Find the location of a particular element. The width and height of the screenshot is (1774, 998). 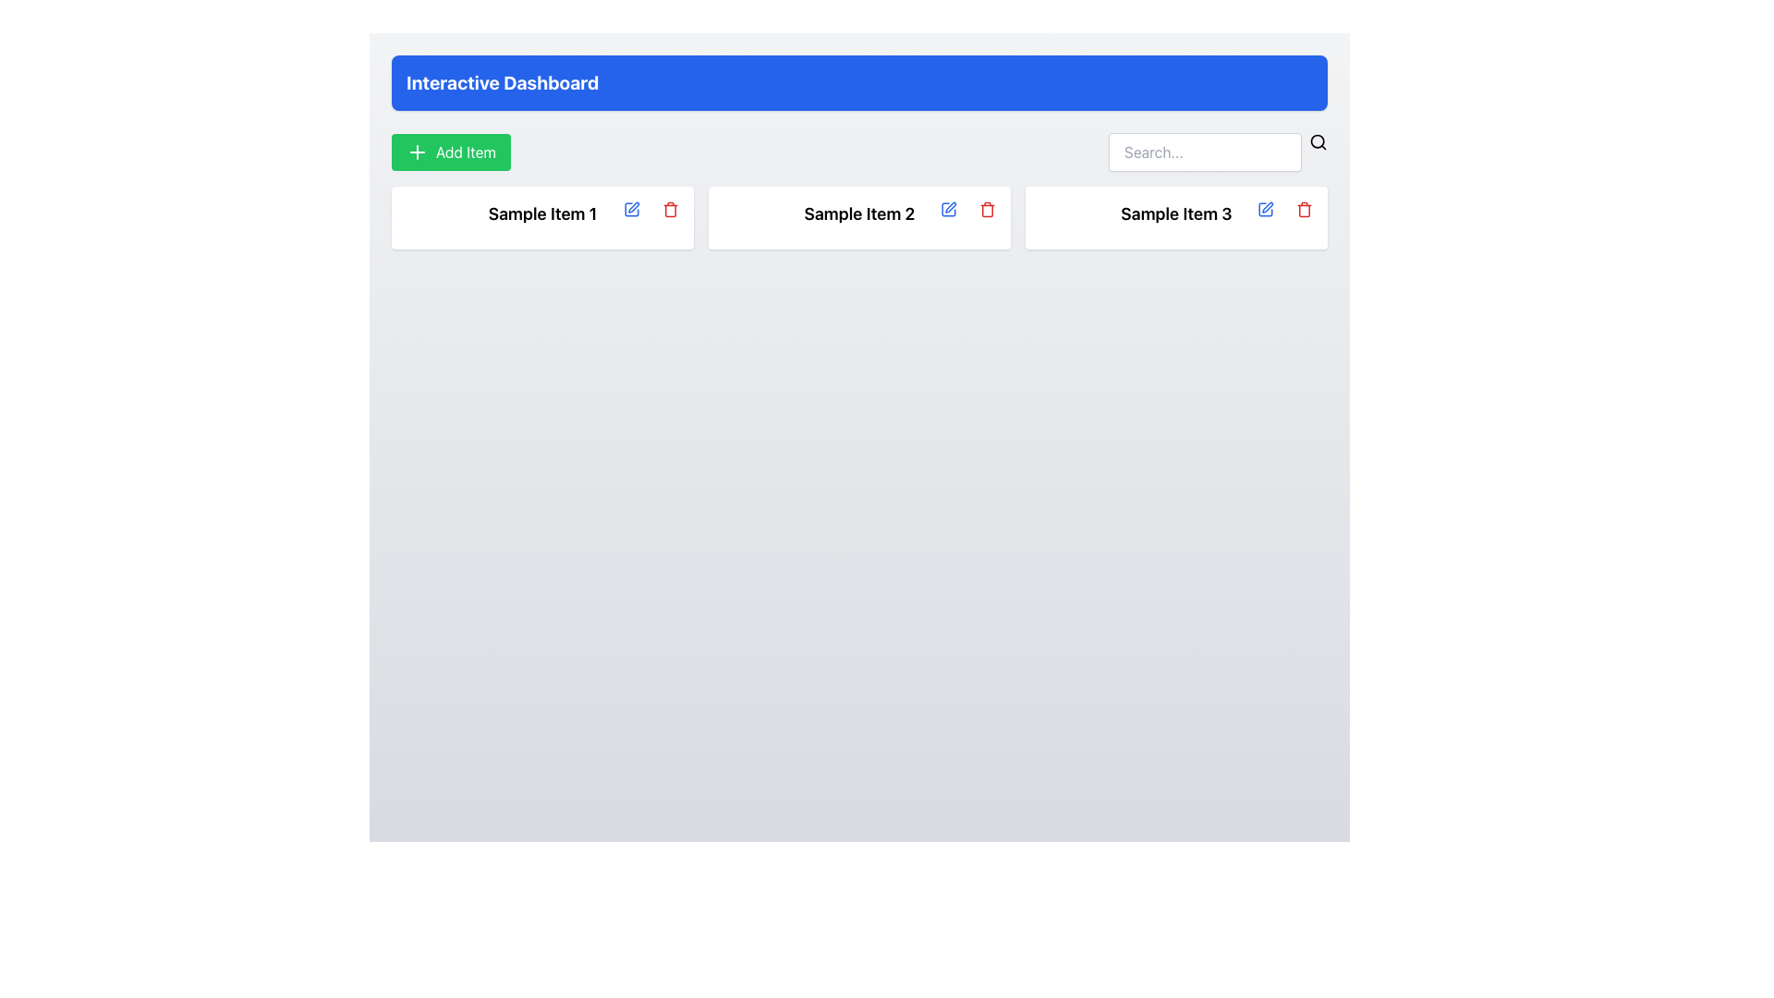

the edit icon located to the left of the trash can icon within the first item's action options is located at coordinates (634, 207).